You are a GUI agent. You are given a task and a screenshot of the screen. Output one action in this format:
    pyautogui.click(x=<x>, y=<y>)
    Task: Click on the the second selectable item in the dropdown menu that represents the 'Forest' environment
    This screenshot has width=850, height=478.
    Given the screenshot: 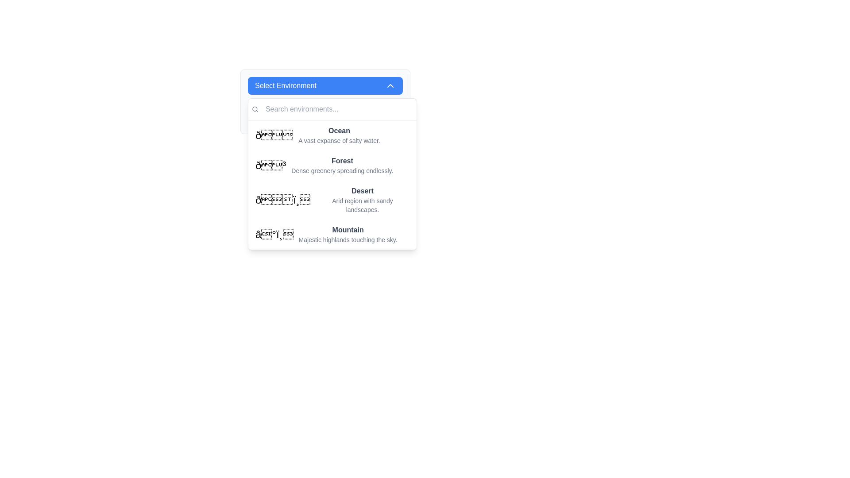 What is the action you would take?
    pyautogui.click(x=332, y=166)
    